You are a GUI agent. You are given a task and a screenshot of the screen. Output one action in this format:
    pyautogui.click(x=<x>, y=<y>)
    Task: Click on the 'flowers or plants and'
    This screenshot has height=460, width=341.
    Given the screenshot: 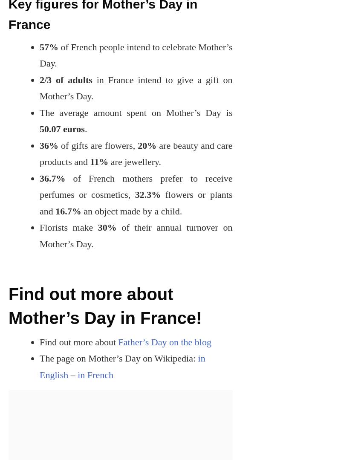 What is the action you would take?
    pyautogui.click(x=135, y=202)
    